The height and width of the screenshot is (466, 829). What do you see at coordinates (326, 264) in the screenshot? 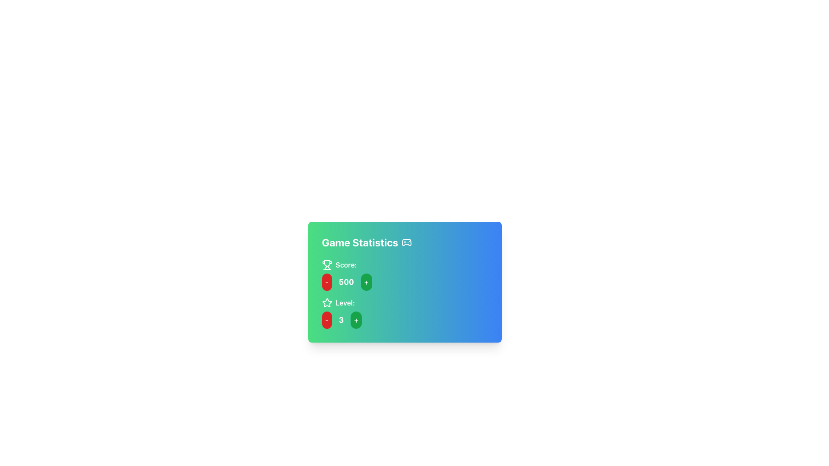
I see `visual reference on the trophy-shaped icon located` at bounding box center [326, 264].